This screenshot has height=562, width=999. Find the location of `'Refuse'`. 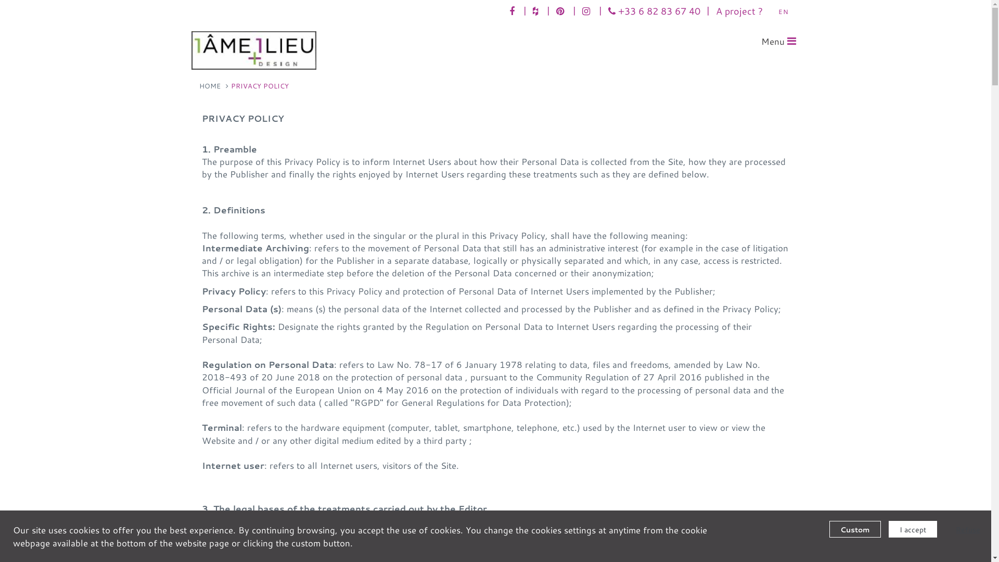

'Refuse' is located at coordinates (944, 529).